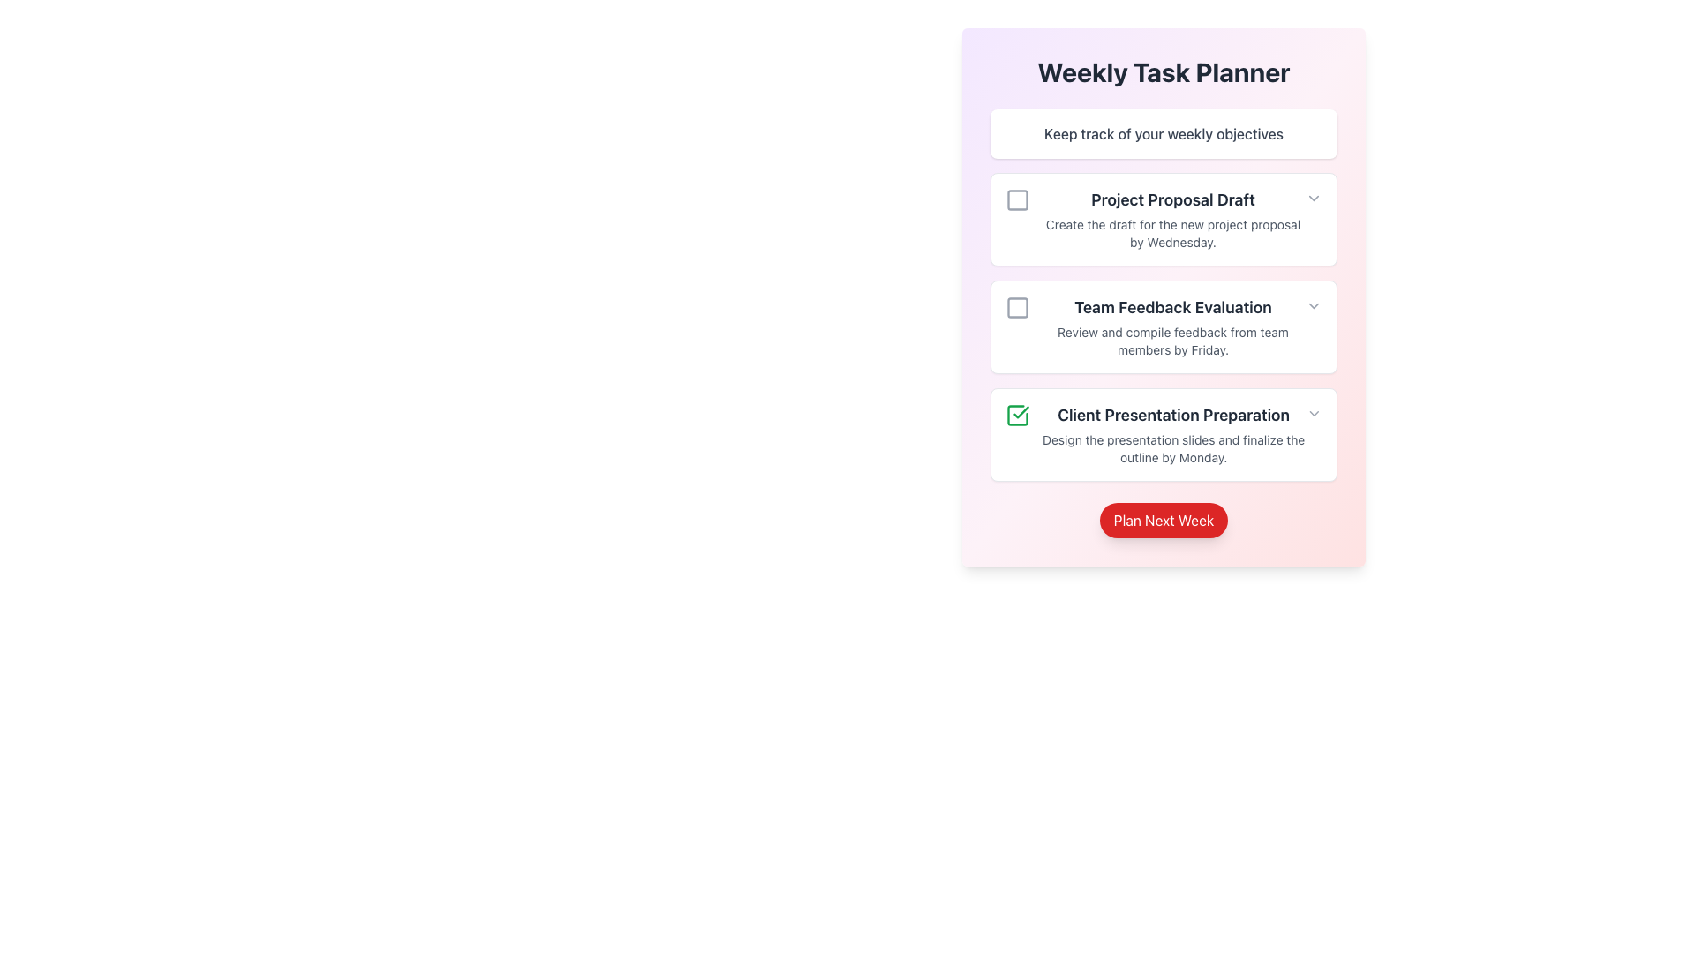  What do you see at coordinates (1017, 306) in the screenshot?
I see `the Visual State Indicator located in the second row of the task list within the 'Weekly Task Planner' interface, specifically in the 'Team Feedback Evaluation' section` at bounding box center [1017, 306].